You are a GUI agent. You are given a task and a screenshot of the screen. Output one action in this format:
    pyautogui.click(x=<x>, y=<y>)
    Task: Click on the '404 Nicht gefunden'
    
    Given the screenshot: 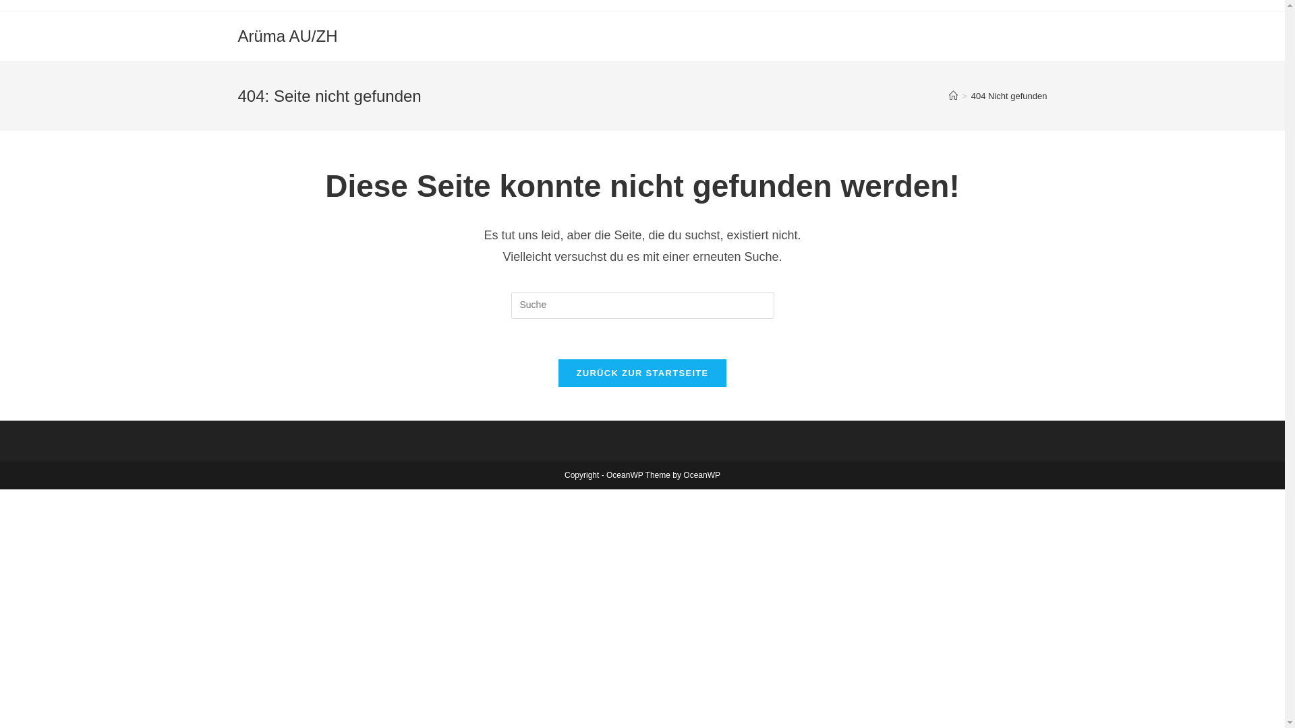 What is the action you would take?
    pyautogui.click(x=1009, y=95)
    